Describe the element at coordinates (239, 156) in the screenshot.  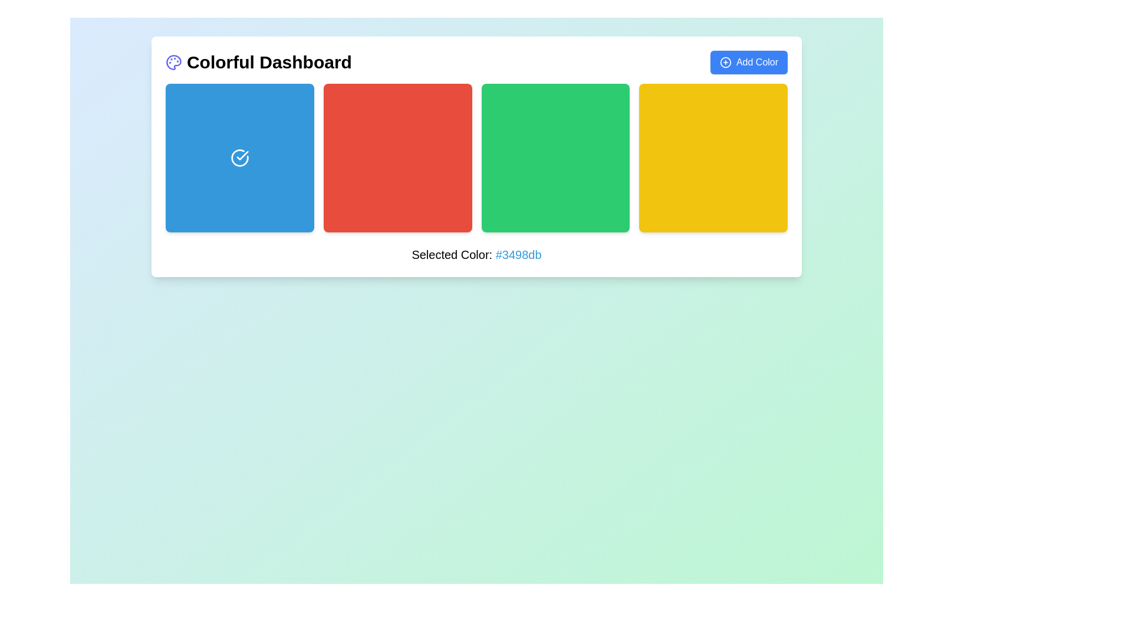
I see `the circular icon with a check mark inside, which is located centered within the first blue rectangle in a grid of options` at that location.